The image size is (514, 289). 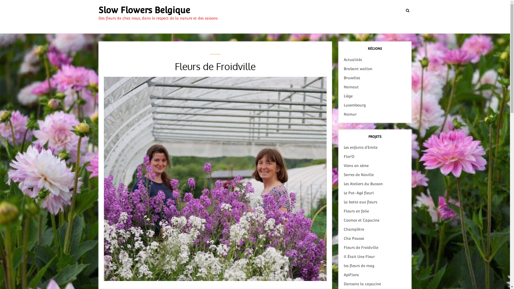 I want to click on 'Brabant wallon', so click(x=358, y=69).